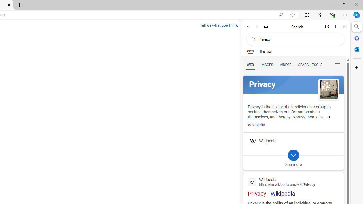  I want to click on 'Show more', so click(330, 117).